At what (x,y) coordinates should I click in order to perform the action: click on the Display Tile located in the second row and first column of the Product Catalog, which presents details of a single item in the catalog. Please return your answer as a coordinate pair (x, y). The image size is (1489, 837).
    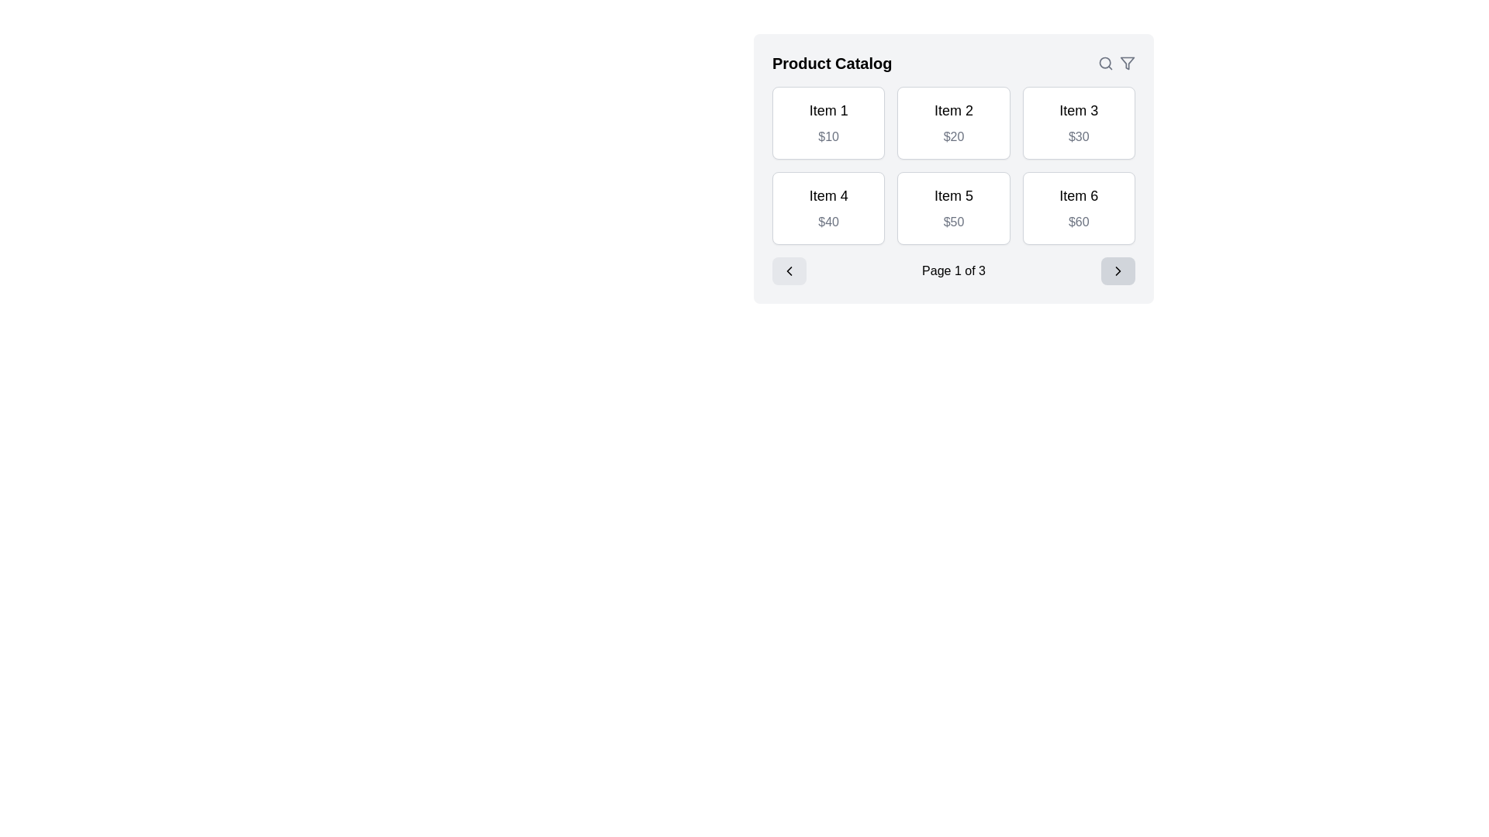
    Looking at the image, I should click on (827, 208).